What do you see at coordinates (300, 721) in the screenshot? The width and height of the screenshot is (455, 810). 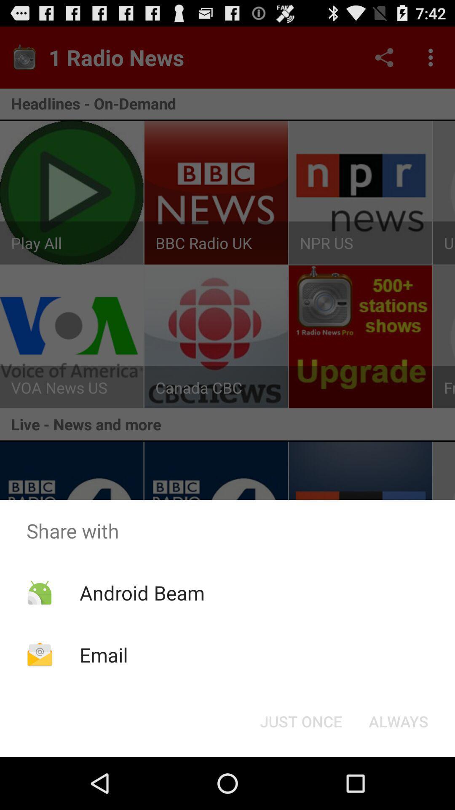 I see `the icon below the share with` at bounding box center [300, 721].